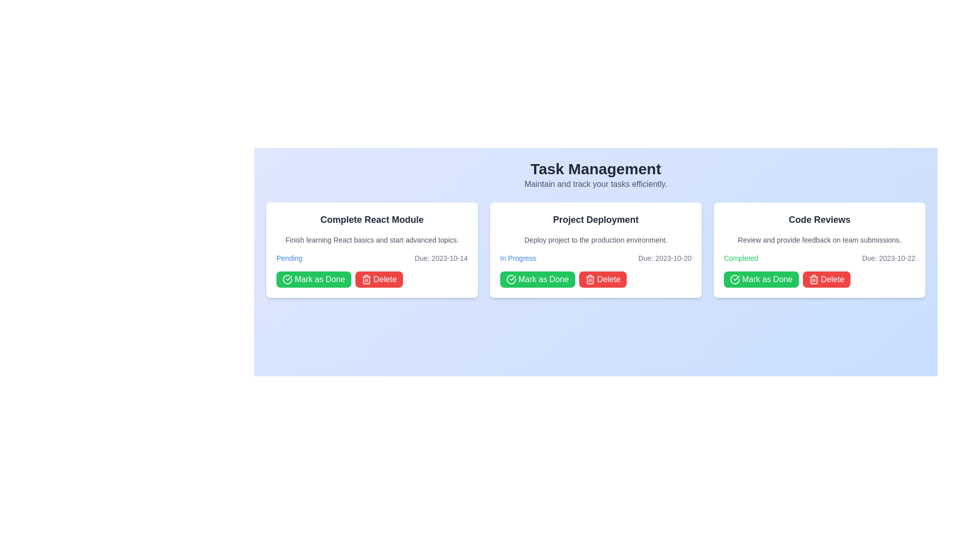 This screenshot has width=972, height=547. I want to click on the 'Delete' button, which is part of the Interactive button group located at the bottom of the 'Complete React Module' card, so click(371, 279).